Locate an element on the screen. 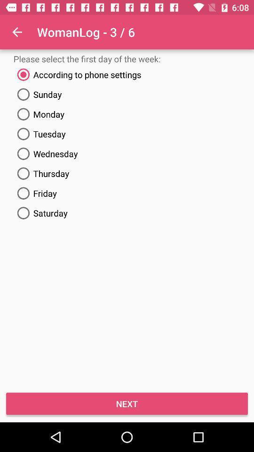 This screenshot has height=452, width=254. the item below the thursday icon is located at coordinates (127, 193).